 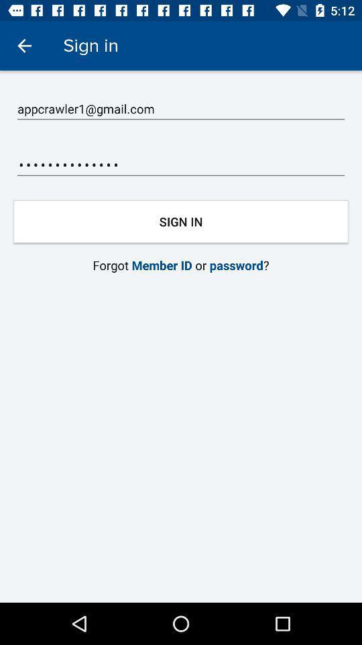 I want to click on the appcrawler1@gmail.com icon, so click(x=181, y=108).